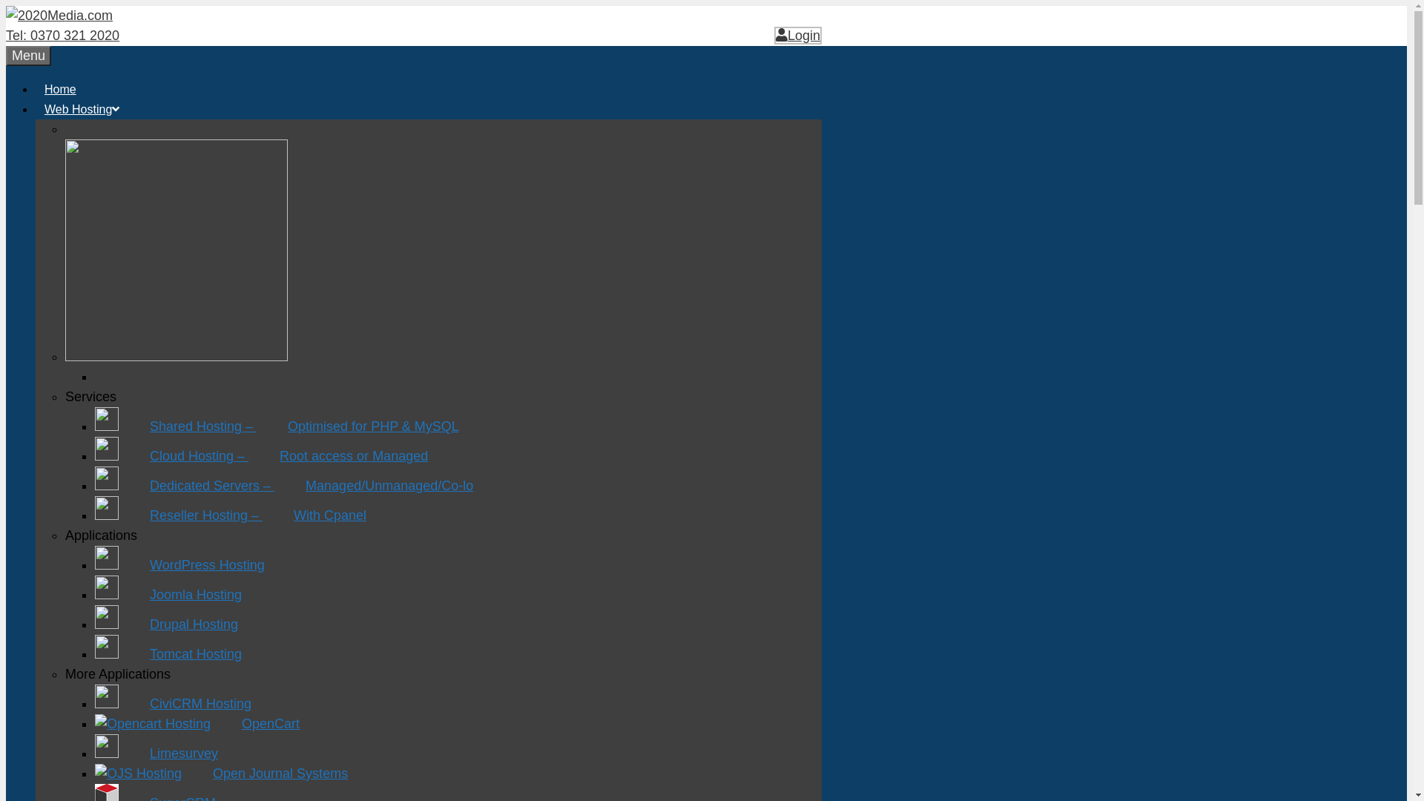 The width and height of the screenshot is (1424, 801). Describe the element at coordinates (6, 15) in the screenshot. I see `'2020Media.com'` at that location.